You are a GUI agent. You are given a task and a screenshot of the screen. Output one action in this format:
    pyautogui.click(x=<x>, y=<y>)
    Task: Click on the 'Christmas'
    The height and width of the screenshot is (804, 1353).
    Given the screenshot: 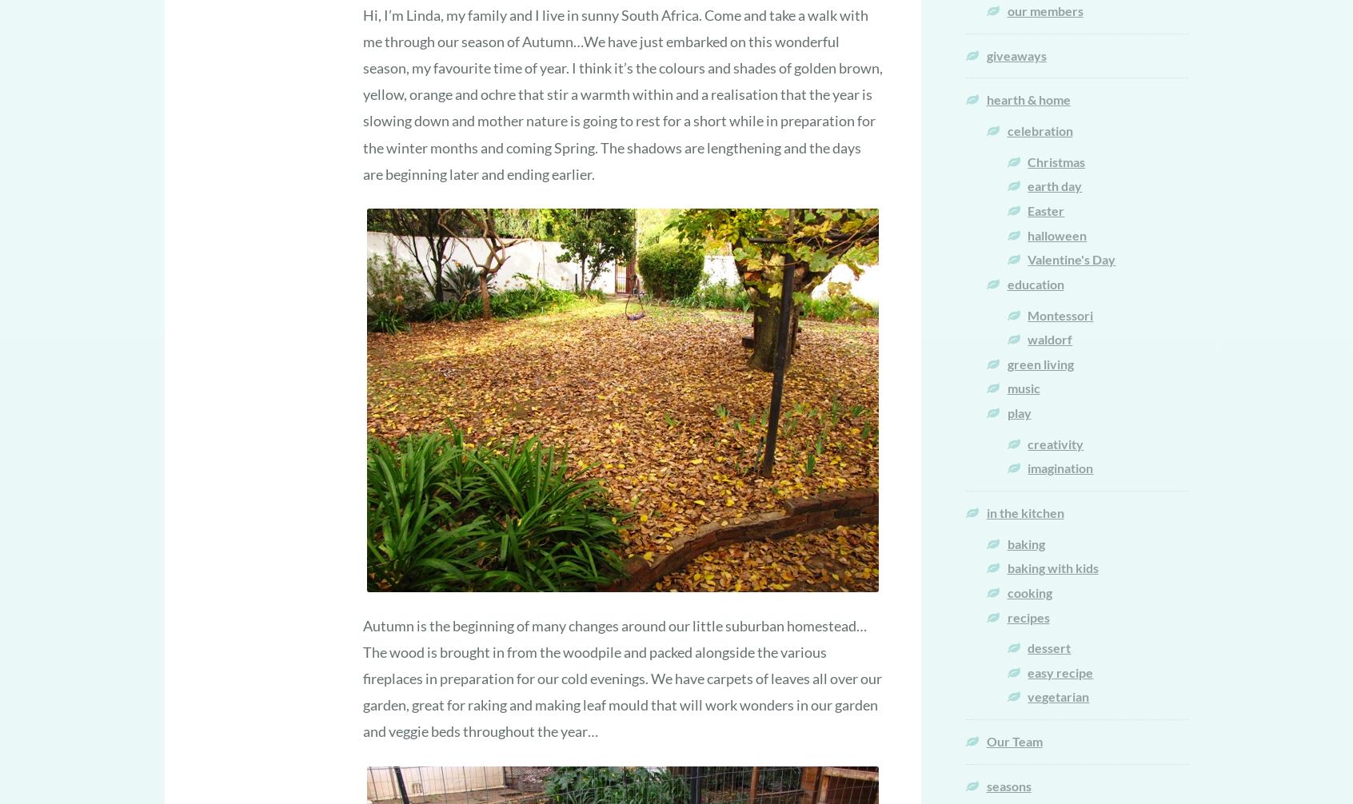 What is the action you would take?
    pyautogui.click(x=1055, y=161)
    